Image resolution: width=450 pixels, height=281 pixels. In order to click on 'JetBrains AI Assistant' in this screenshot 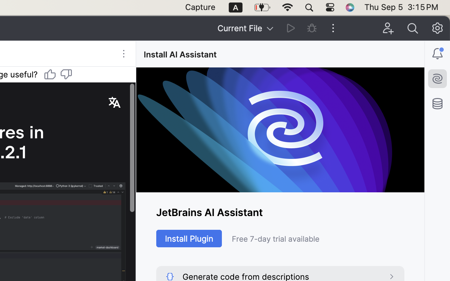, I will do `click(280, 212)`.